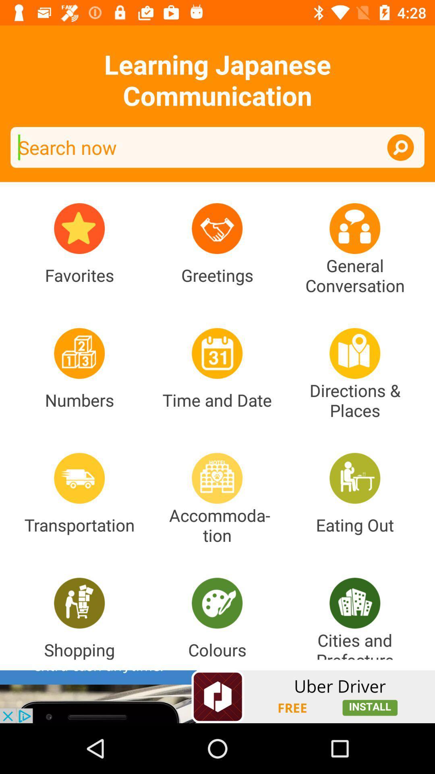 The width and height of the screenshot is (435, 774). Describe the element at coordinates (400, 147) in the screenshot. I see `the search icon` at that location.